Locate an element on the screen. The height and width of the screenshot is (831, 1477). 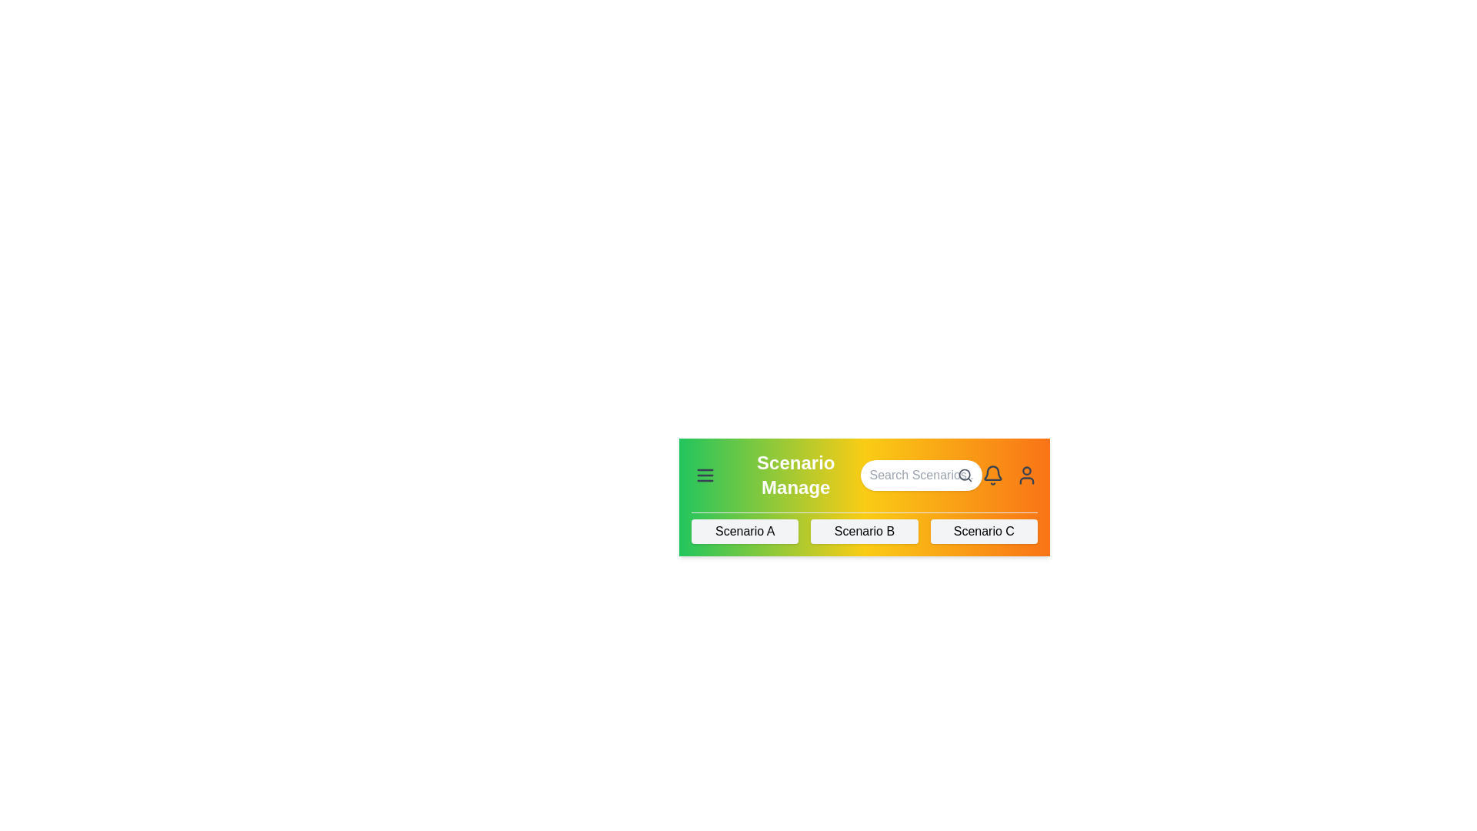
the bell icon to toggle notification settings is located at coordinates (993, 474).